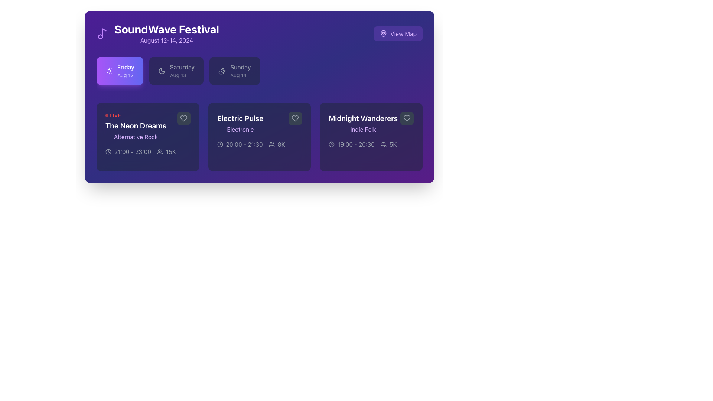 This screenshot has width=713, height=401. What do you see at coordinates (126, 75) in the screenshot?
I see `the text display indicating the specific date corresponding to 'Friday', located directly beneath the 'Friday' text in the first of three horizontally aligned date boxes` at bounding box center [126, 75].